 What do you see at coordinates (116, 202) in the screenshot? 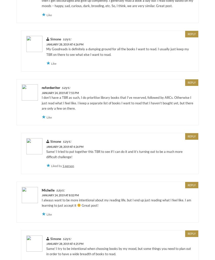
I see `'I always want to be more intentional about my reading life, but I end up just reading what I feel like. I am learning to just accept it'` at bounding box center [116, 202].